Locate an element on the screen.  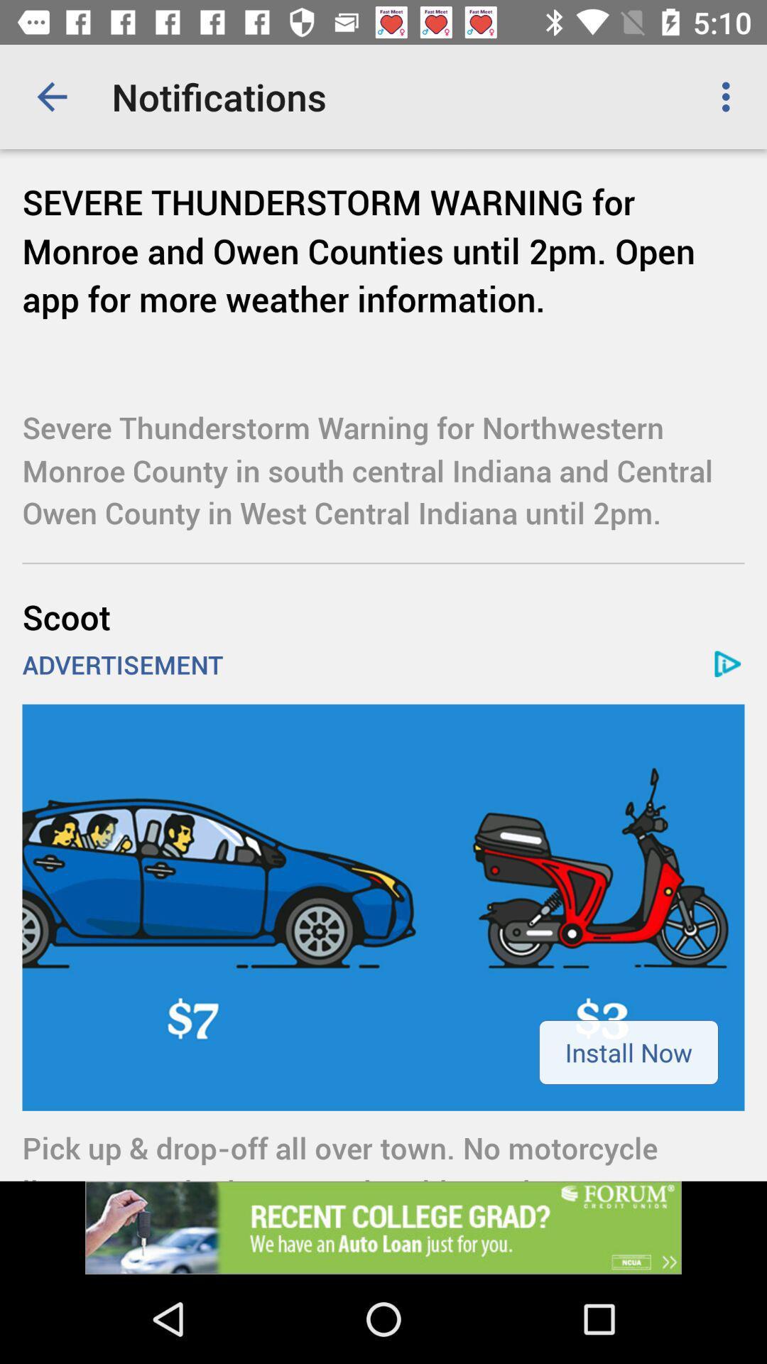
advertisement is located at coordinates (383, 1227).